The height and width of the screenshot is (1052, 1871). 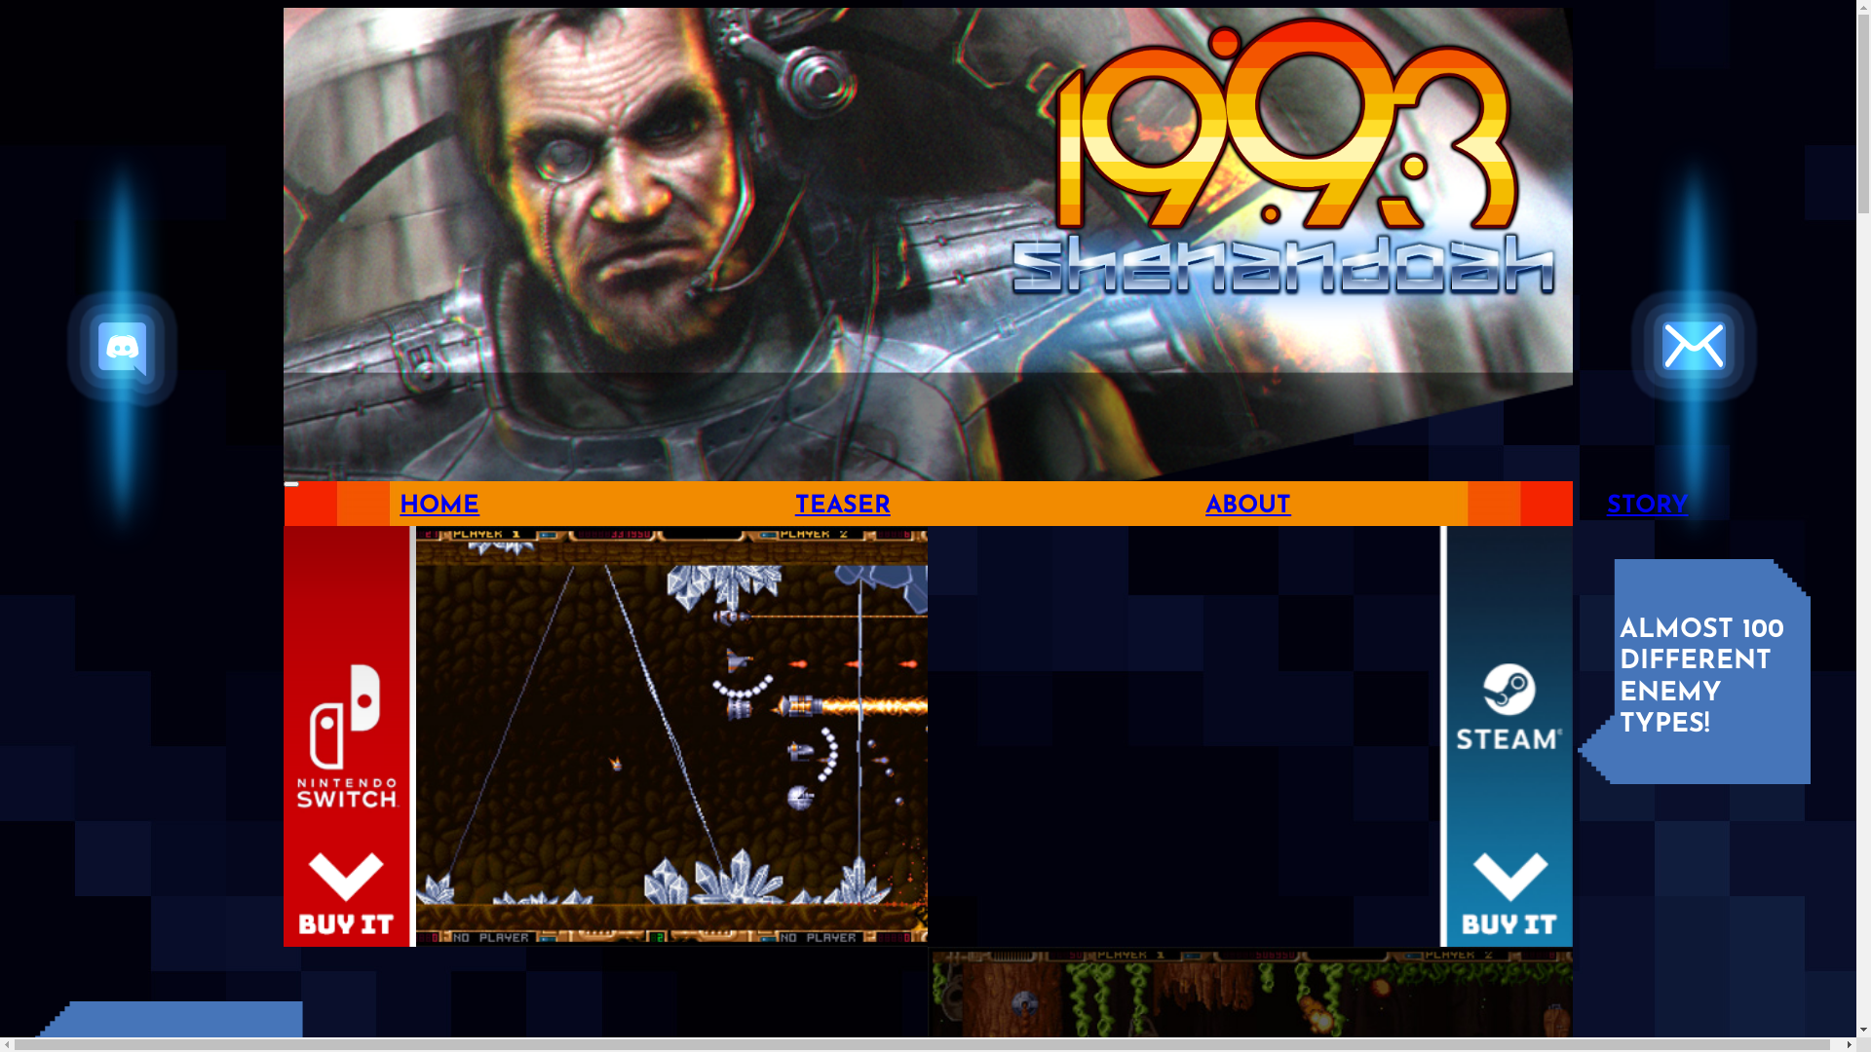 I want to click on 'TEASER', so click(x=795, y=505).